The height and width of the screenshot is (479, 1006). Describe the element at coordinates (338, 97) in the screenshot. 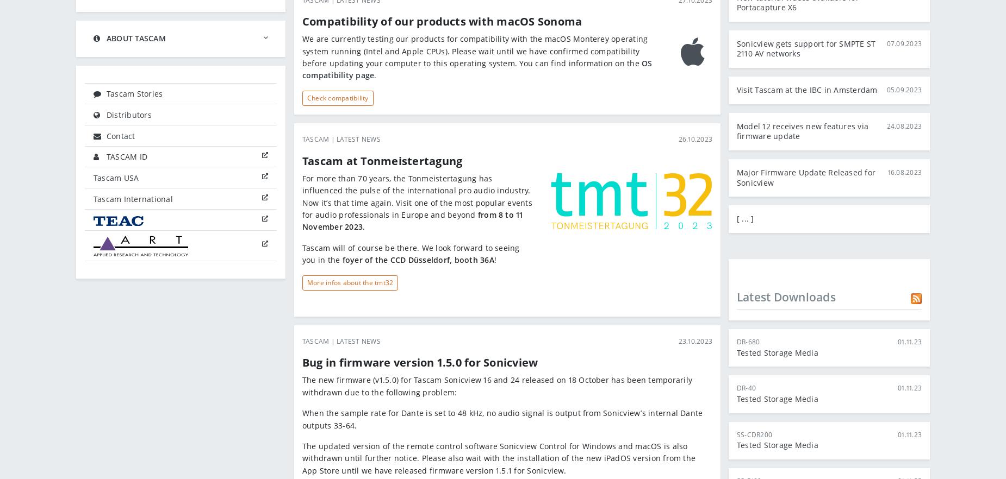

I see `'Check compatibility'` at that location.